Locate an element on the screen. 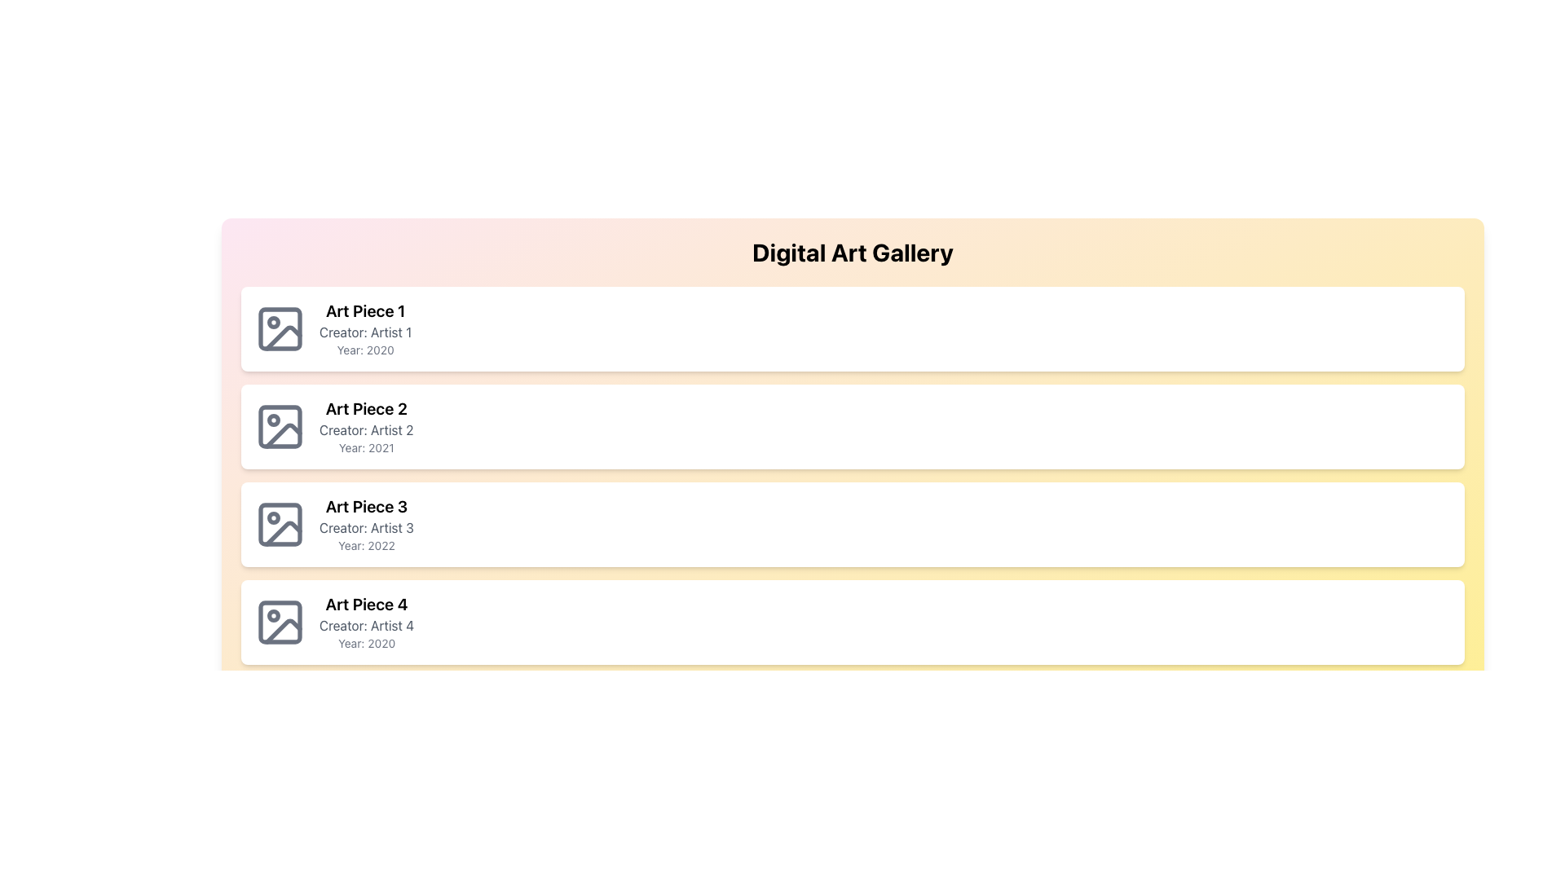  the title text of the second card in a vertical list within a structured card layout, which serves as a prominent label for the associated art piece is located at coordinates (365, 407).